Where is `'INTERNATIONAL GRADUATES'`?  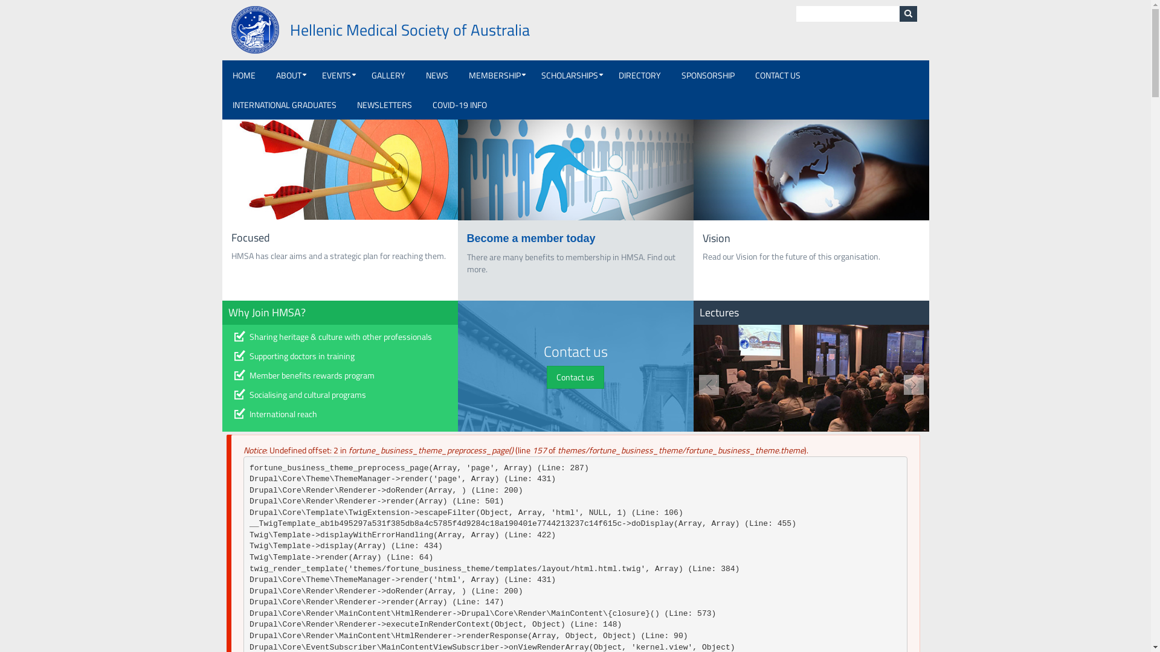 'INTERNATIONAL GRADUATES' is located at coordinates (283, 104).